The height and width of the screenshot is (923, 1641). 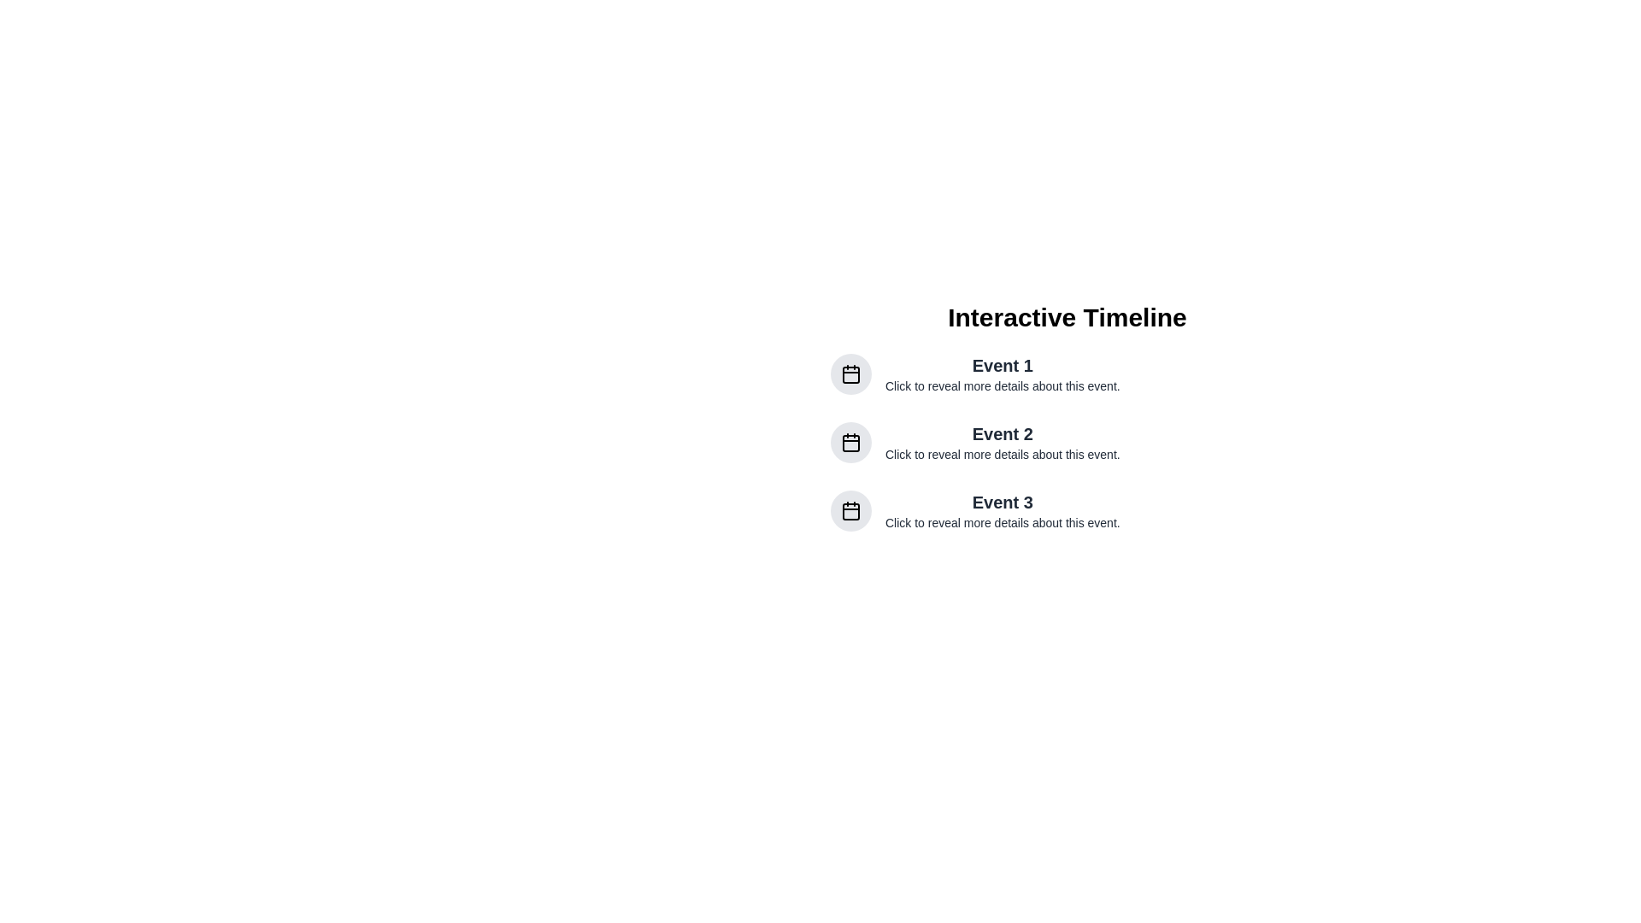 What do you see at coordinates (1003, 509) in the screenshot?
I see `the text block featuring 'Event 3' which is the third entry in the vertical list under the heading 'Interactive Timeline'` at bounding box center [1003, 509].